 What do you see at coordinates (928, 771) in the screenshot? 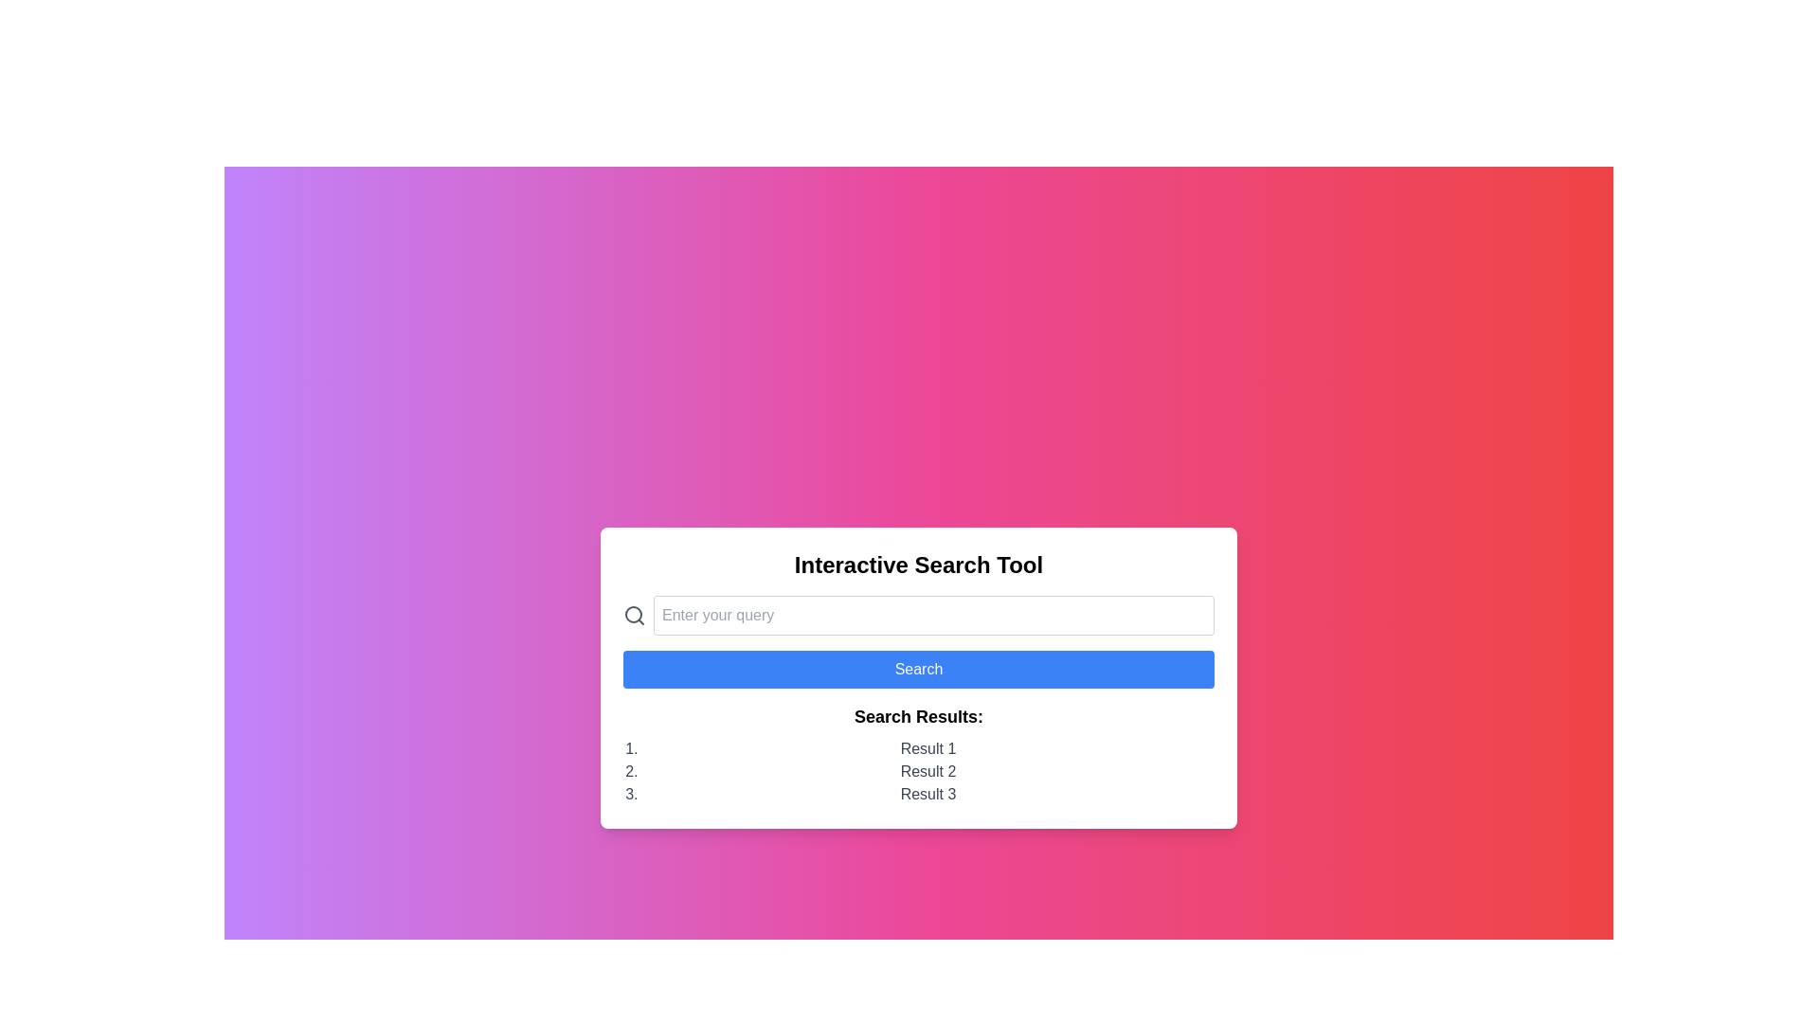
I see `the second text label in the search results list, which provides identification of an item under the 'Search Results:' header` at bounding box center [928, 771].